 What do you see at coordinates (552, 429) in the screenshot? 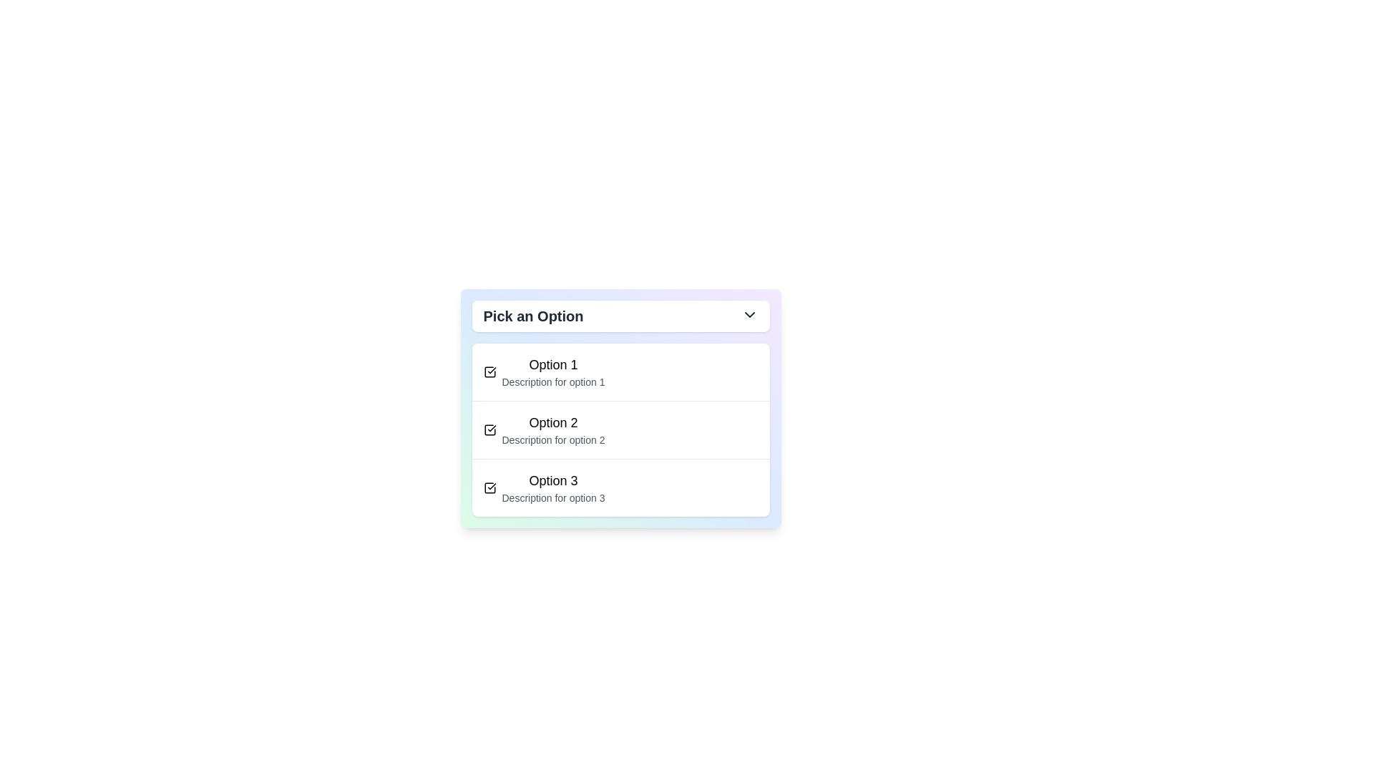
I see `the option 2 from the dropdown menu` at bounding box center [552, 429].